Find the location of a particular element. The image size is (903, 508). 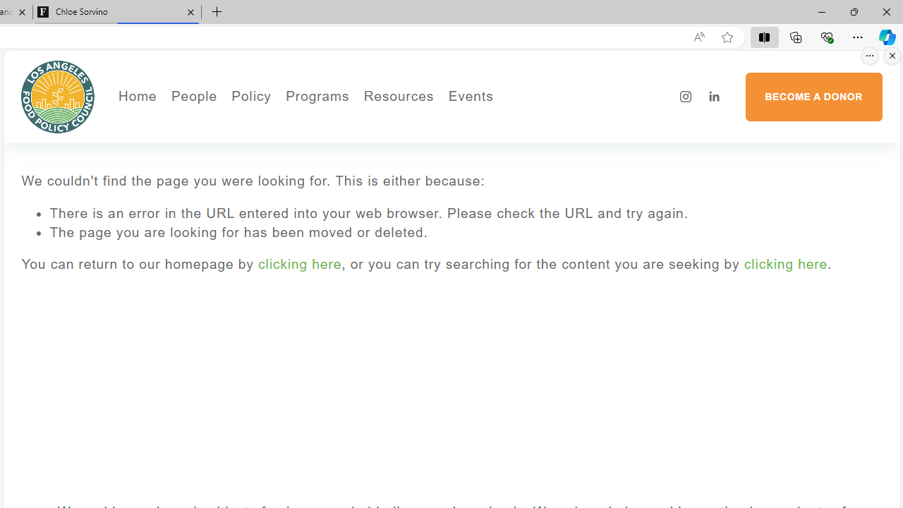

'LinkedIn' is located at coordinates (714, 96).